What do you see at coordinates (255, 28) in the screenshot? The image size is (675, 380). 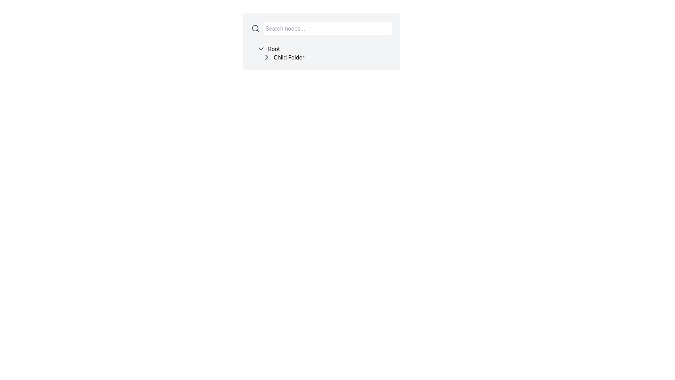 I see `the magnifying glass icon, which is dark gray and circular, located at the far left of the panel before the 'Search nodes...' text input field` at bounding box center [255, 28].